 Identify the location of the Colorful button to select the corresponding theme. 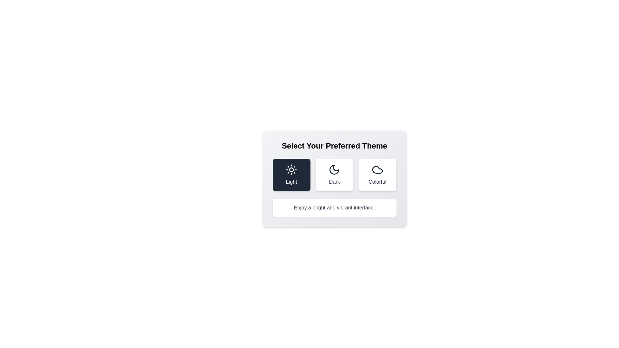
(377, 175).